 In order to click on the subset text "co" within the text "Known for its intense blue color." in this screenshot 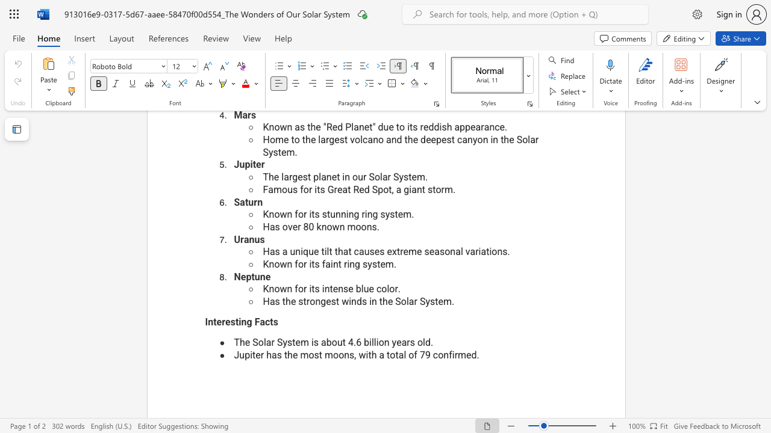, I will do `click(375, 289)`.